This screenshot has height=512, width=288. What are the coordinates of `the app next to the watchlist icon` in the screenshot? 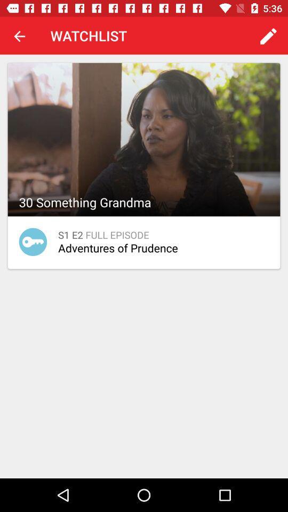 It's located at (19, 36).